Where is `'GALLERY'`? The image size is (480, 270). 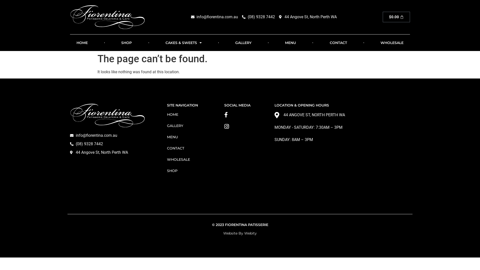
'GALLERY' is located at coordinates (190, 125).